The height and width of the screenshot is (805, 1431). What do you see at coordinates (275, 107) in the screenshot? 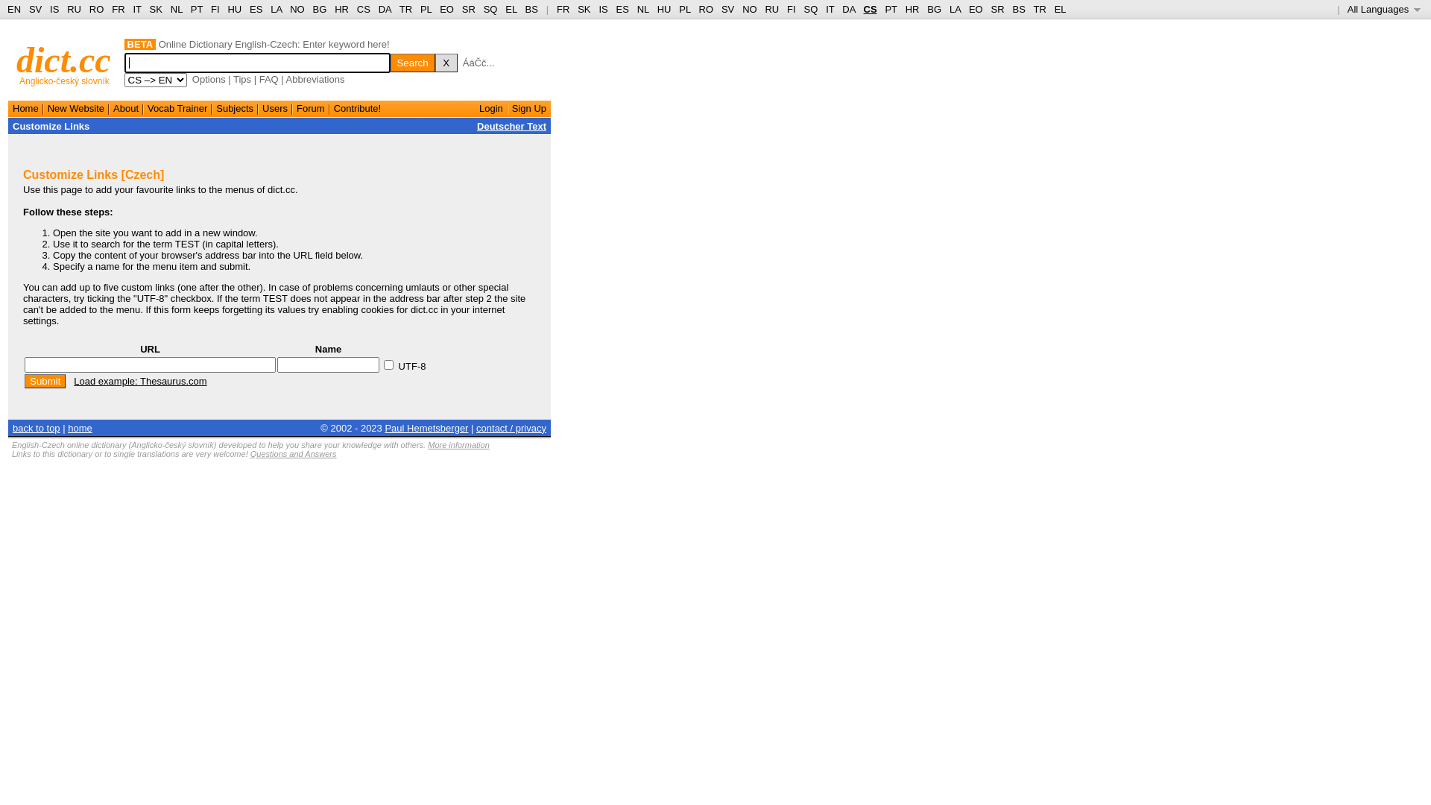
I see `'Users'` at bounding box center [275, 107].